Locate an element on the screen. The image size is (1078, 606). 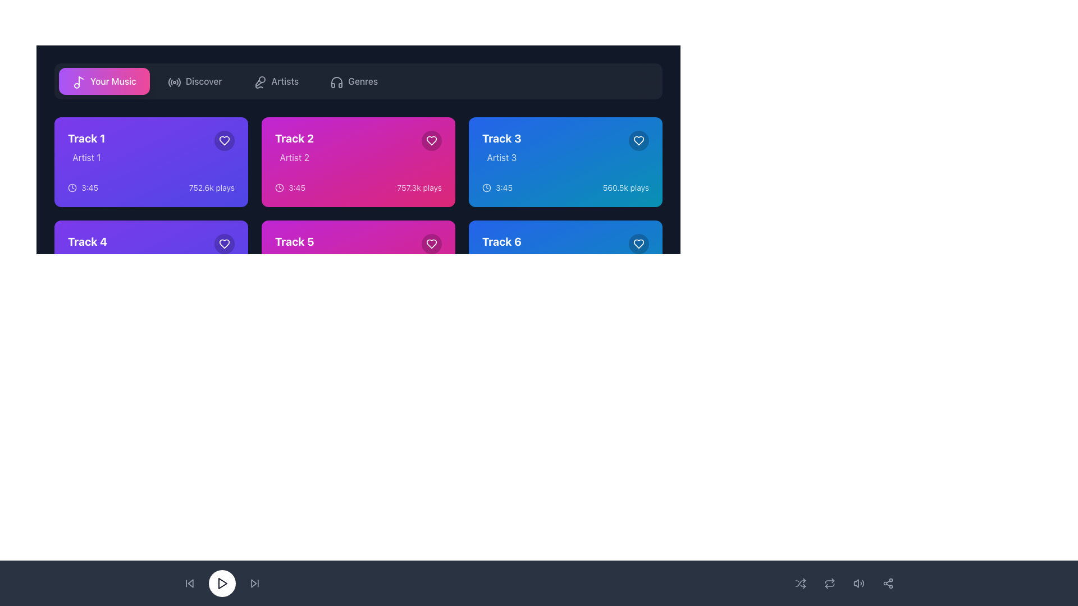
the heart icon located in the top-right corner of the 'Track 3' card is located at coordinates (638, 140).